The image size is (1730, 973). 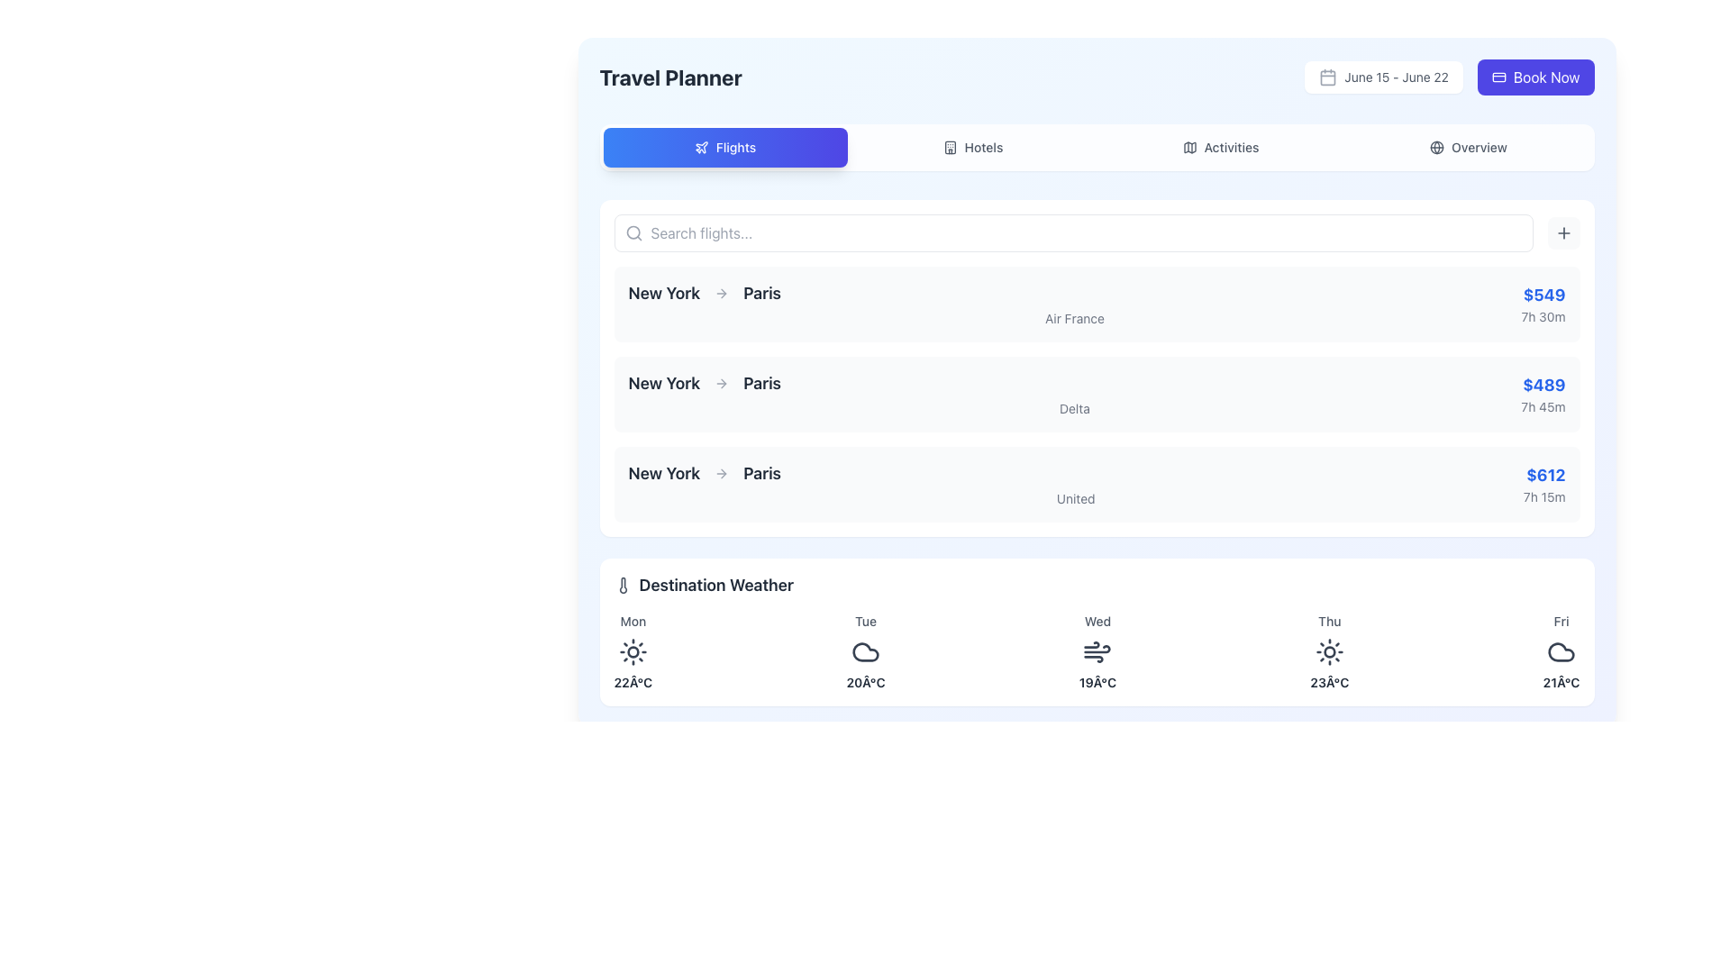 I want to click on the text label displaying '7h 30m' which is located below '$549' in the 'Flights' section if it is interactive, so click(x=1543, y=315).